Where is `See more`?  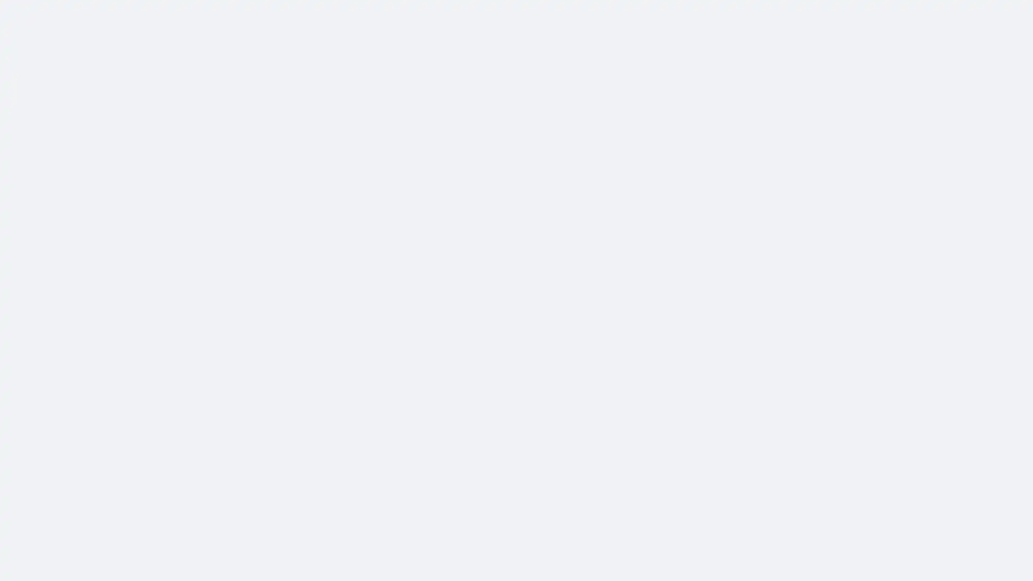 See more is located at coordinates (371, 450).